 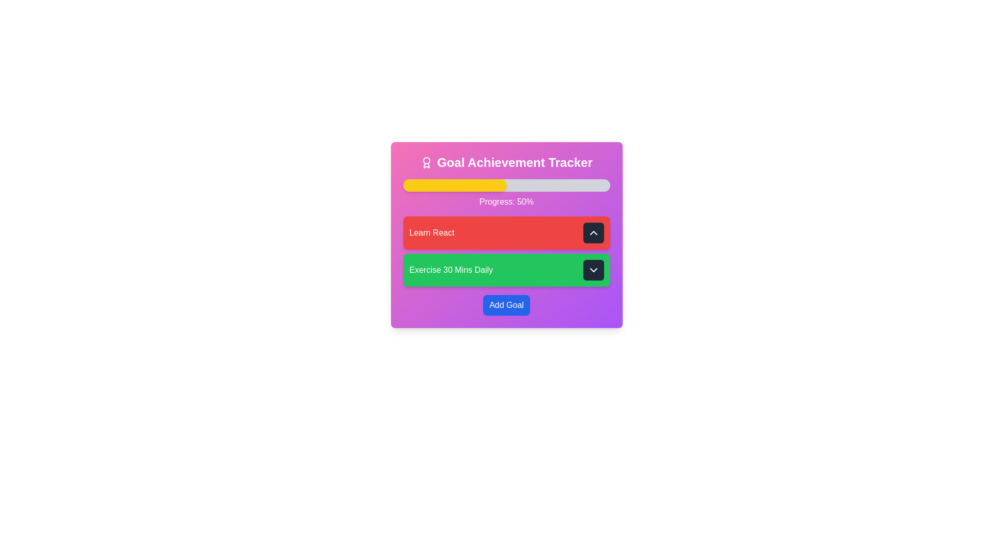 I want to click on the 'Add Goal' button with a blue background and white text located at the bottom of the 'Goal Achievement Tracker' card layout, so click(x=506, y=304).